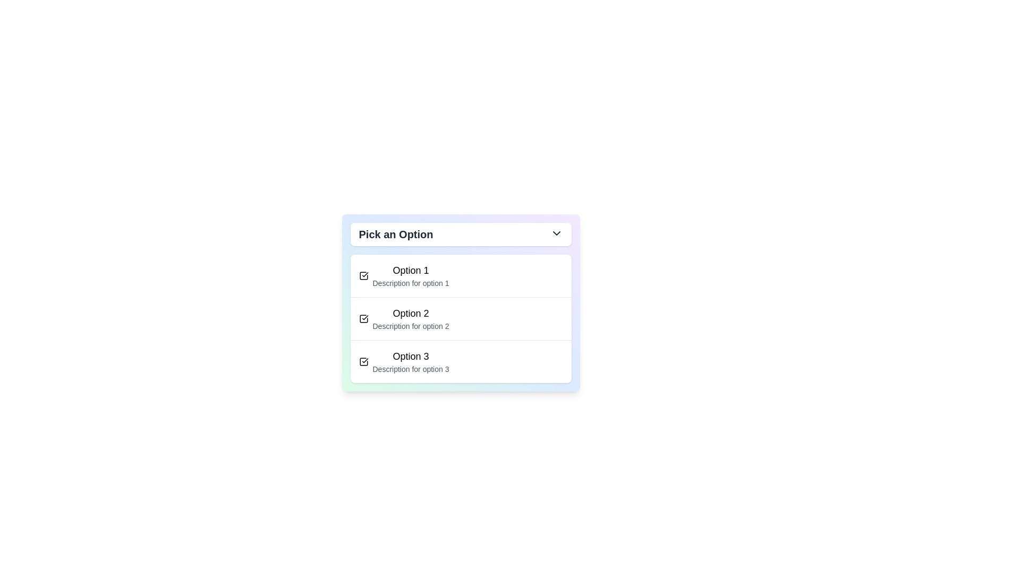 The image size is (1020, 573). What do you see at coordinates (461, 234) in the screenshot?
I see `toggle button to toggle the dropdown visibility` at bounding box center [461, 234].